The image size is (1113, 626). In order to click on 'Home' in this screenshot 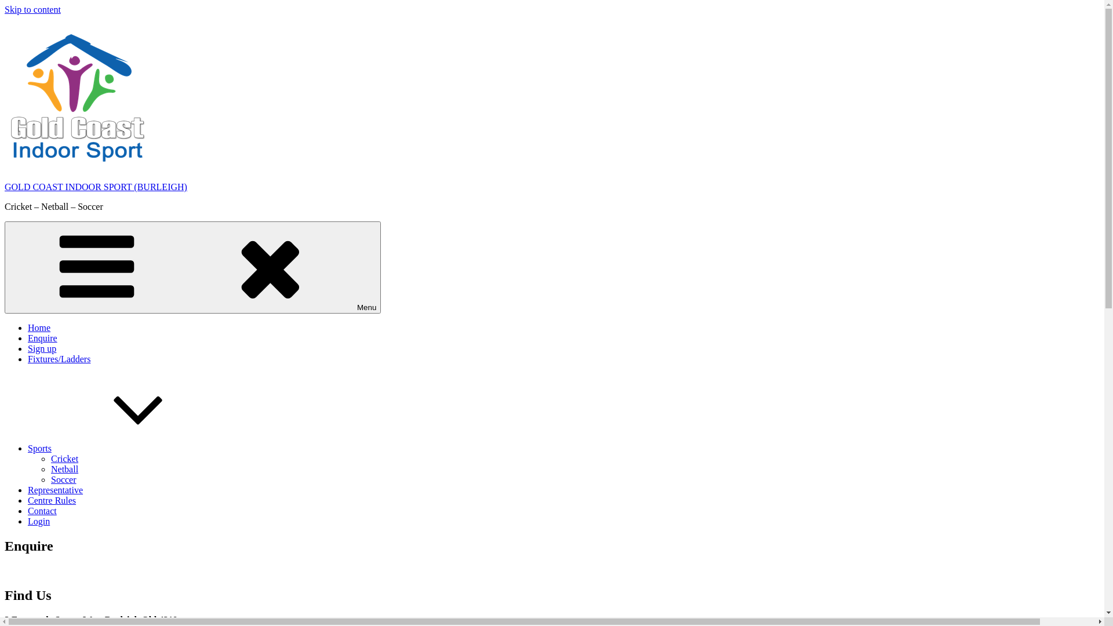, I will do `click(39, 327)`.